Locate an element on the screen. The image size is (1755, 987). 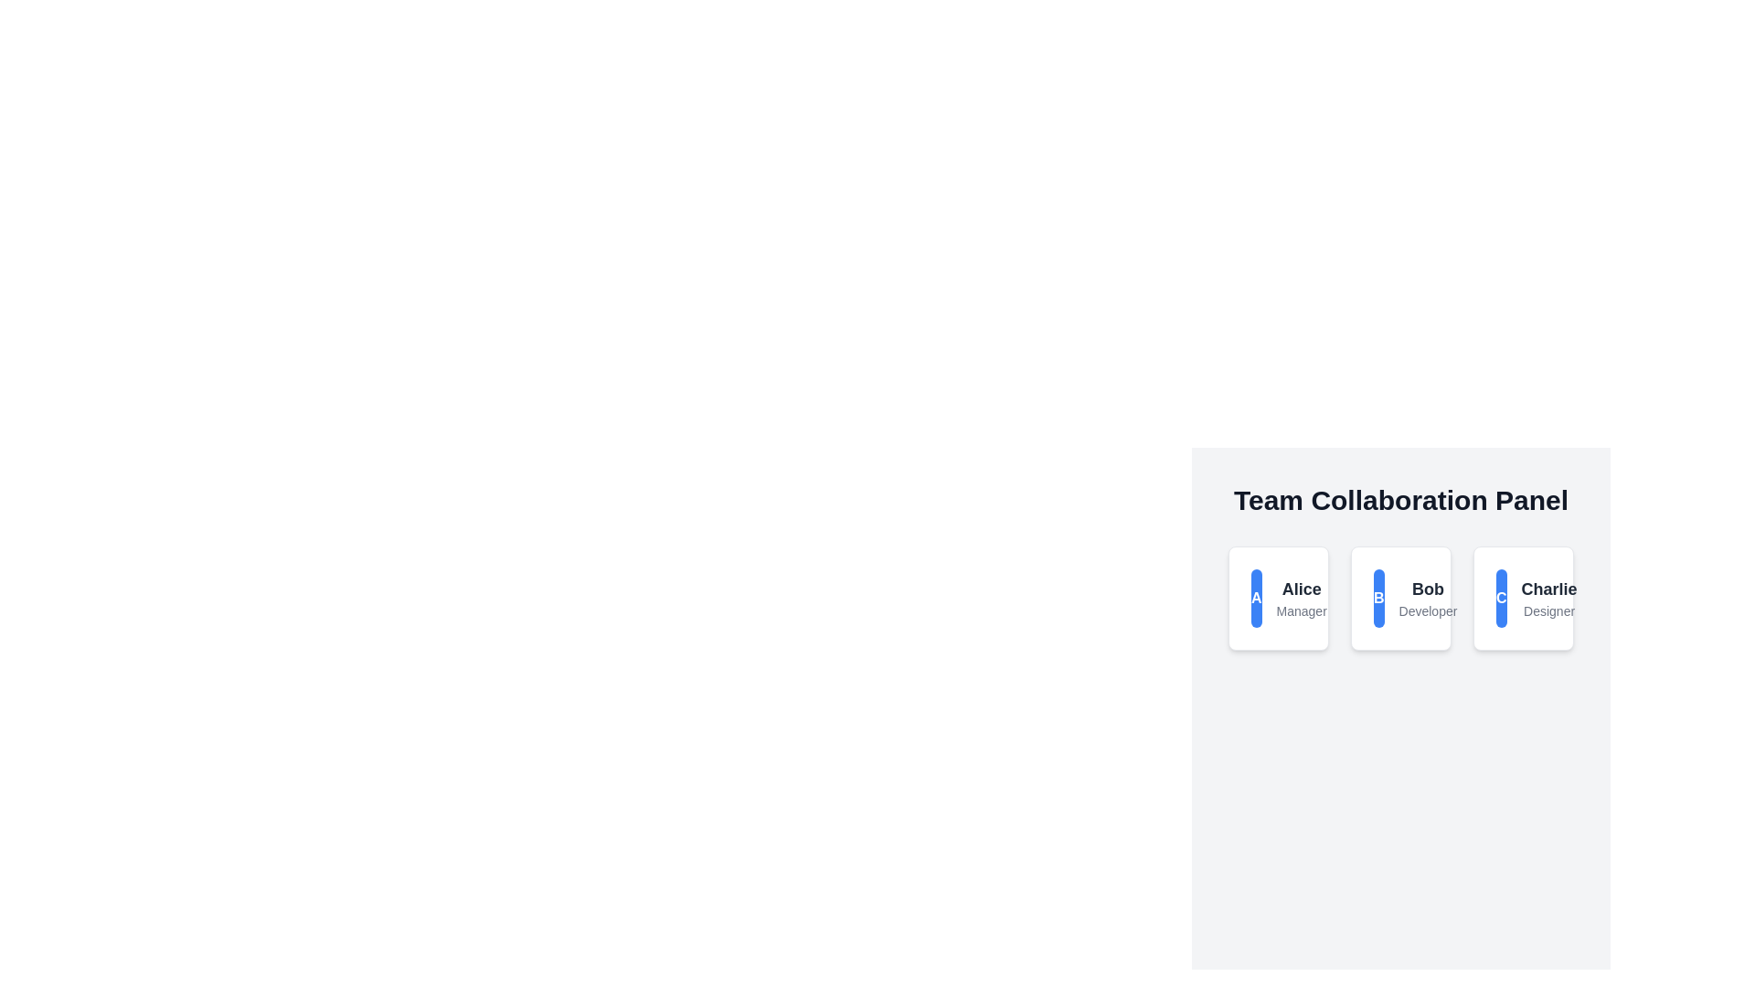
the text display that shows the name and role of an individual, located in the middle card of a group of three team member cards, beneath the letter icon 'B' and to the right of 'Alice Manager' is located at coordinates (1427, 599).